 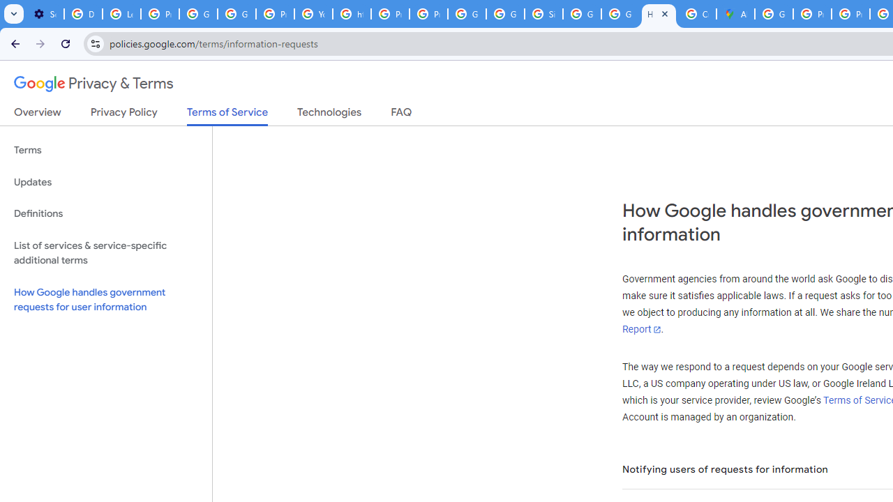 What do you see at coordinates (352, 14) in the screenshot?
I see `'https://scholar.google.com/'` at bounding box center [352, 14].